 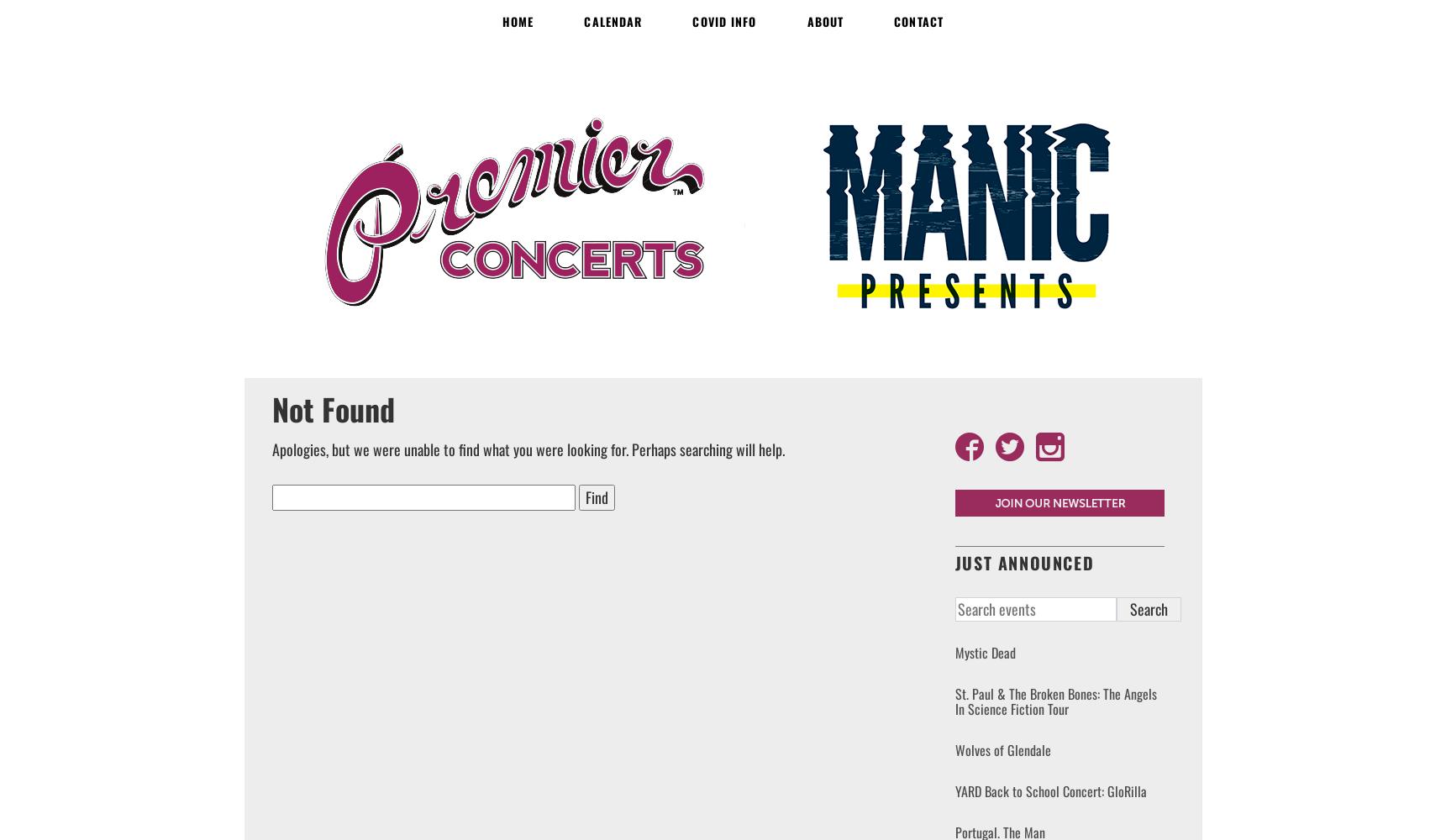 What do you see at coordinates (918, 21) in the screenshot?
I see `'Contact'` at bounding box center [918, 21].